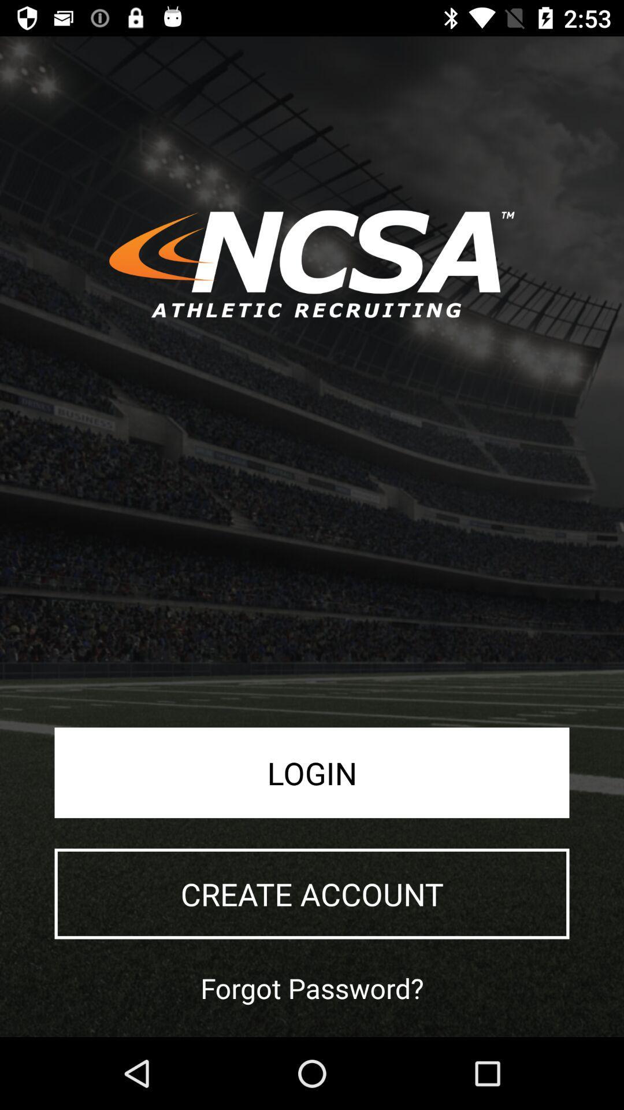 The width and height of the screenshot is (624, 1110). Describe the element at coordinates (312, 893) in the screenshot. I see `the create account icon` at that location.